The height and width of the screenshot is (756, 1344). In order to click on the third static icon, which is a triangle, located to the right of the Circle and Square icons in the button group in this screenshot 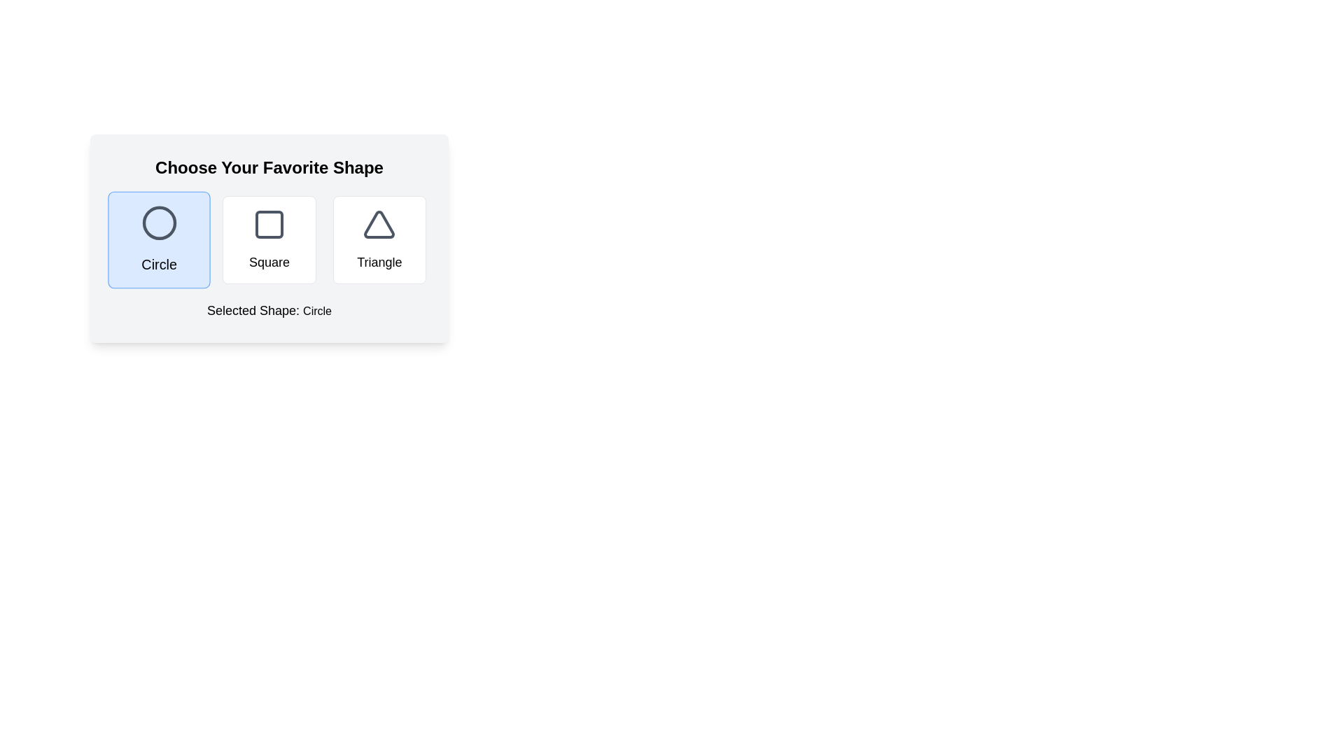, I will do `click(379, 223)`.